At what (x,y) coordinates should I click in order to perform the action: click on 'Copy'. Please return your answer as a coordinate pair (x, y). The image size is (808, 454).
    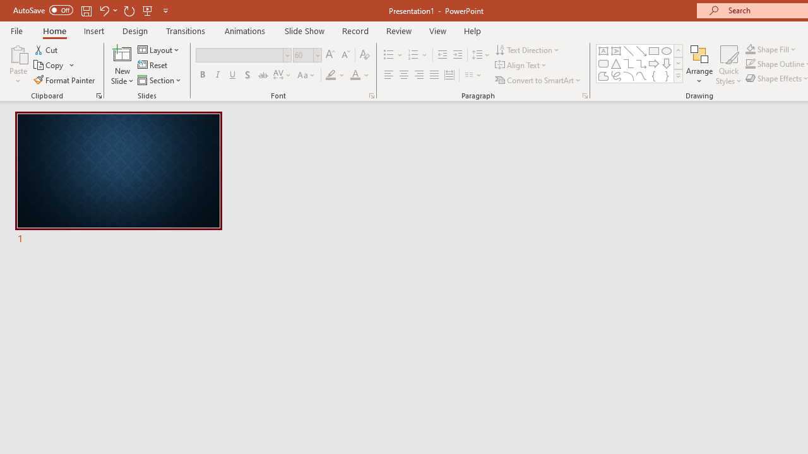
    Looking at the image, I should click on (54, 65).